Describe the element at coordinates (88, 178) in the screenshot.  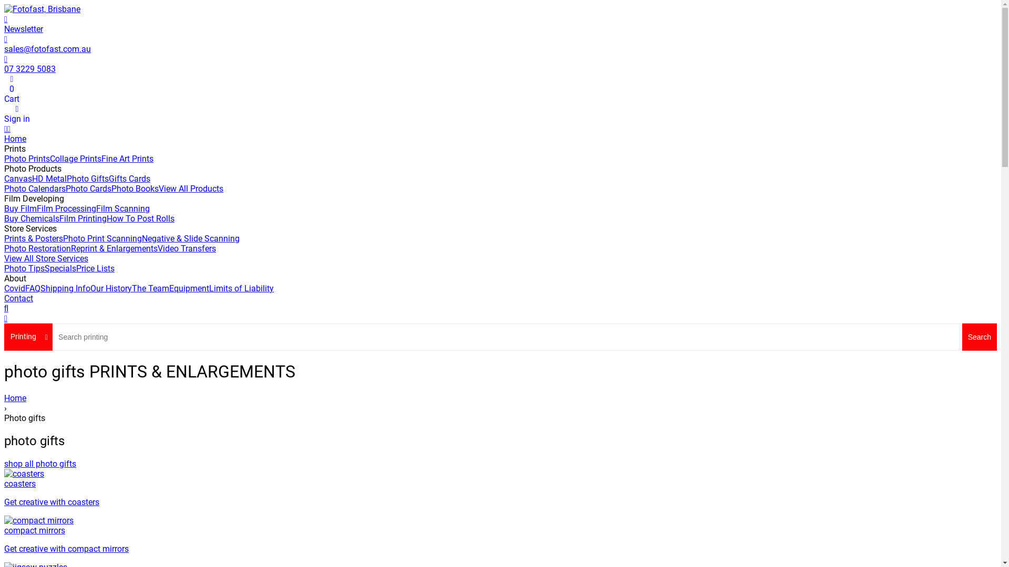
I see `'Photo Gifts'` at that location.